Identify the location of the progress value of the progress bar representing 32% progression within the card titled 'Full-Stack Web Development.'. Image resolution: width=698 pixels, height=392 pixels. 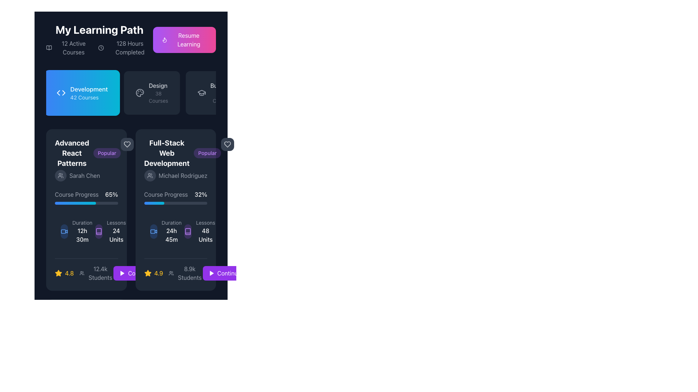
(176, 203).